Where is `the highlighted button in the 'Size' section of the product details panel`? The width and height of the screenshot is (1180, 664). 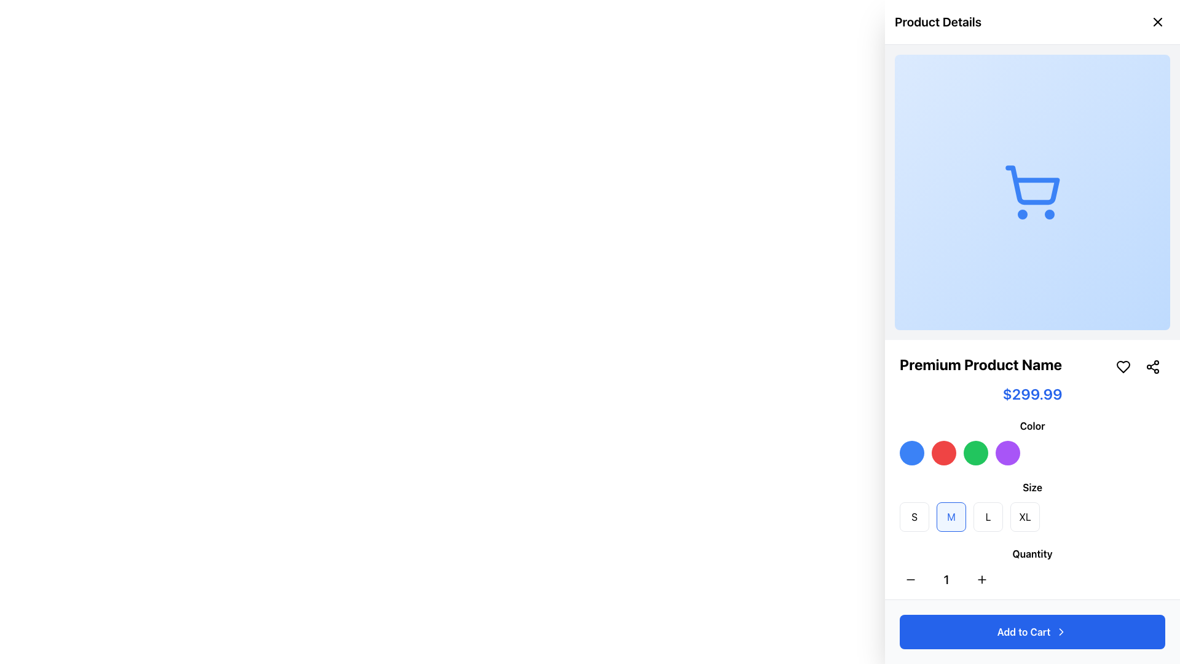 the highlighted button in the 'Size' section of the product details panel is located at coordinates (1032, 505).